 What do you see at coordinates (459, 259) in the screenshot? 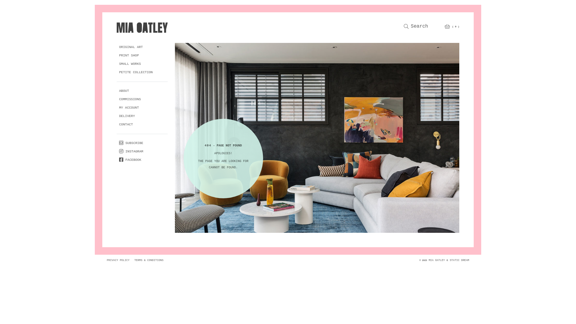
I see `'Static Dream'` at bounding box center [459, 259].